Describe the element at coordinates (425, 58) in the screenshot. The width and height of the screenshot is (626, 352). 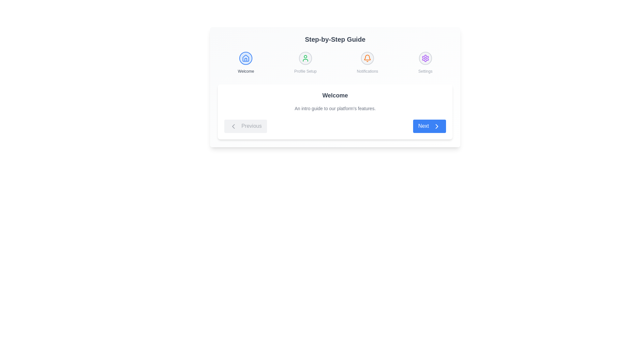
I see `the circular button with a light gray background and a purple gear icon, located in the top right area of the interface, to the right of the 'Notifications' section and above the 'Settings' label` at that location.